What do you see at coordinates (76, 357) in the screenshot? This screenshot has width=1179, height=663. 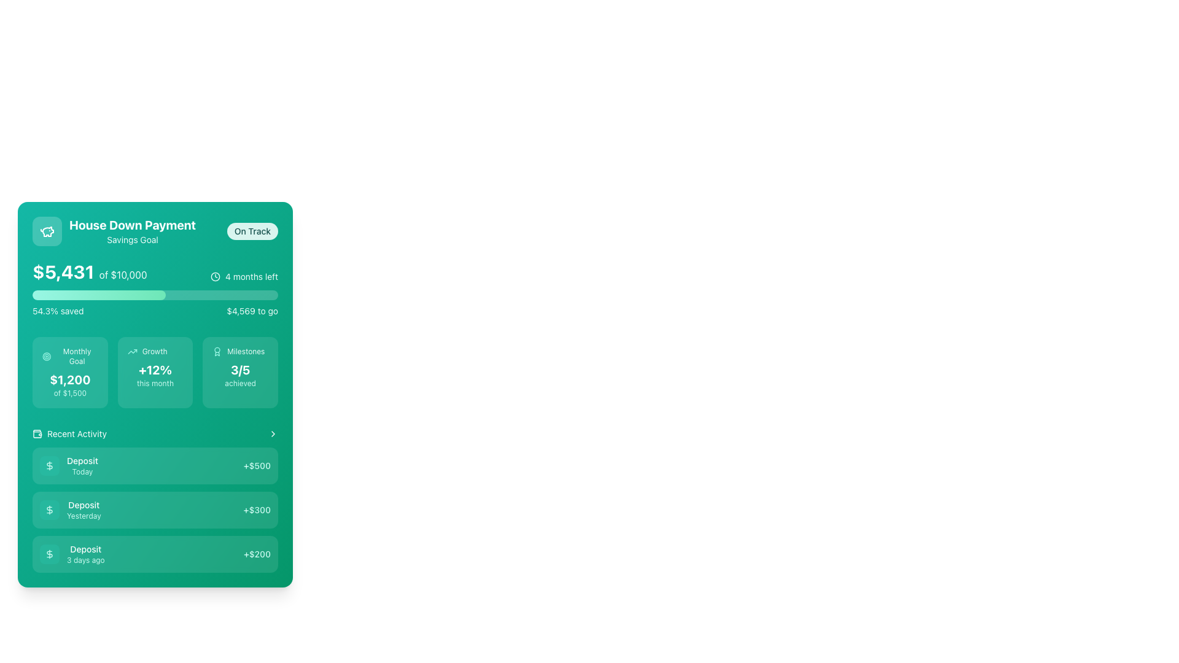 I see `the 'Monthly Goal' Static Text Label, which is styled in teal color and located above the monetary goal details` at bounding box center [76, 357].